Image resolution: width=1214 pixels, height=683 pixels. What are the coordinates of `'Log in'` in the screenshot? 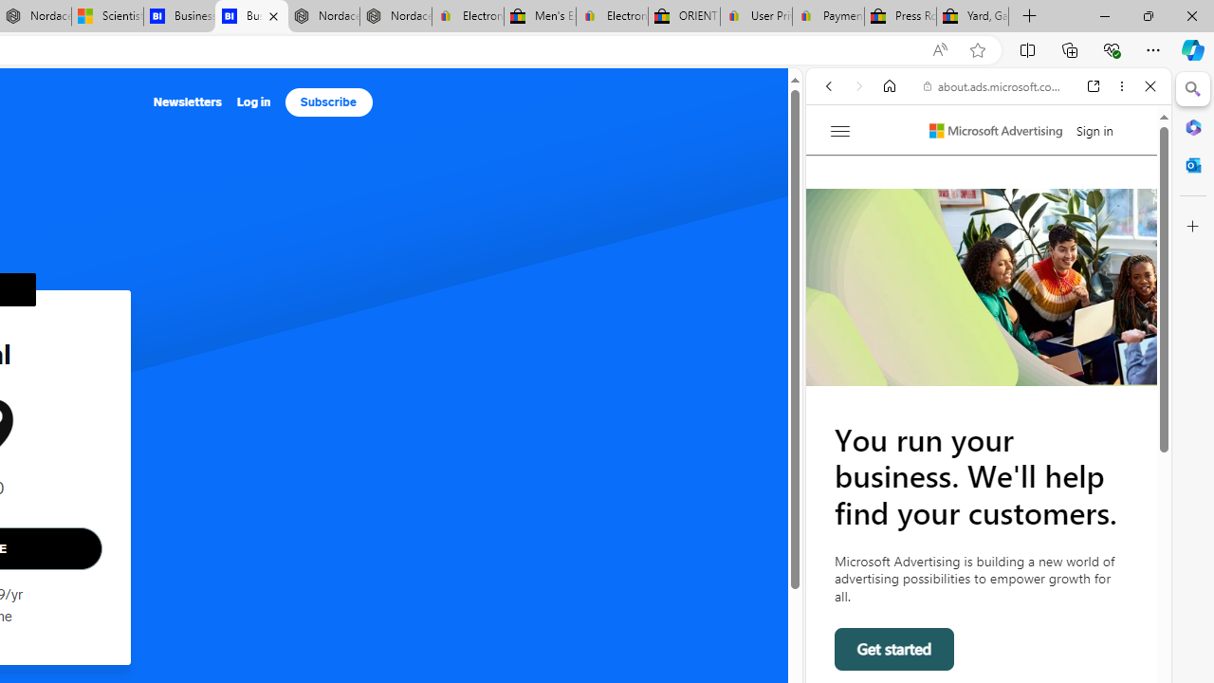 It's located at (252, 102).